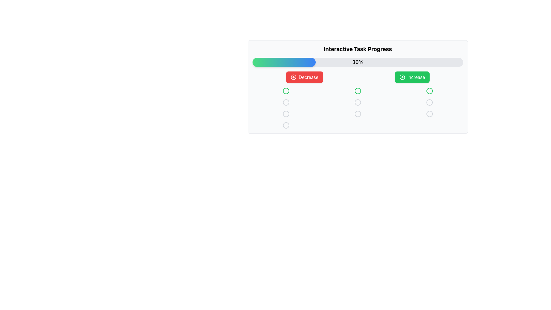  I want to click on the circular status indicator with a green outline located in the third column, first row of the grid beneath the progress bar, so click(430, 90).